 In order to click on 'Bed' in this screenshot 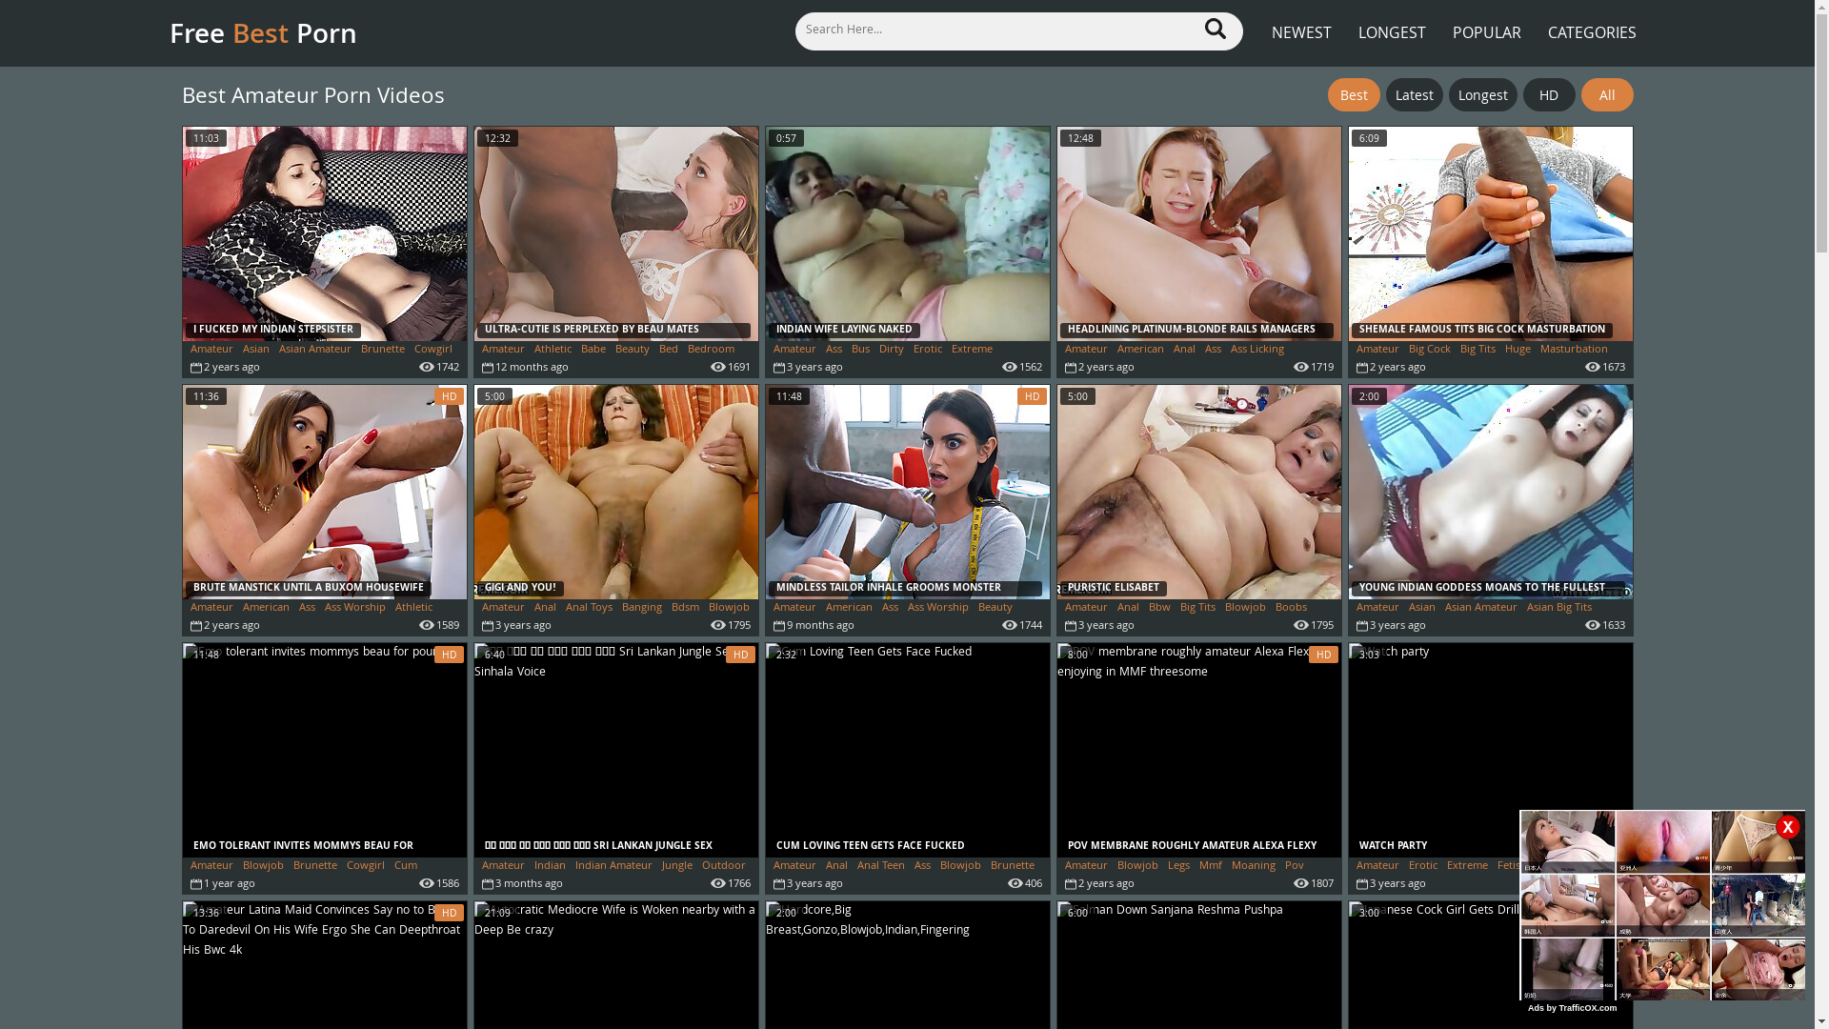, I will do `click(668, 350)`.